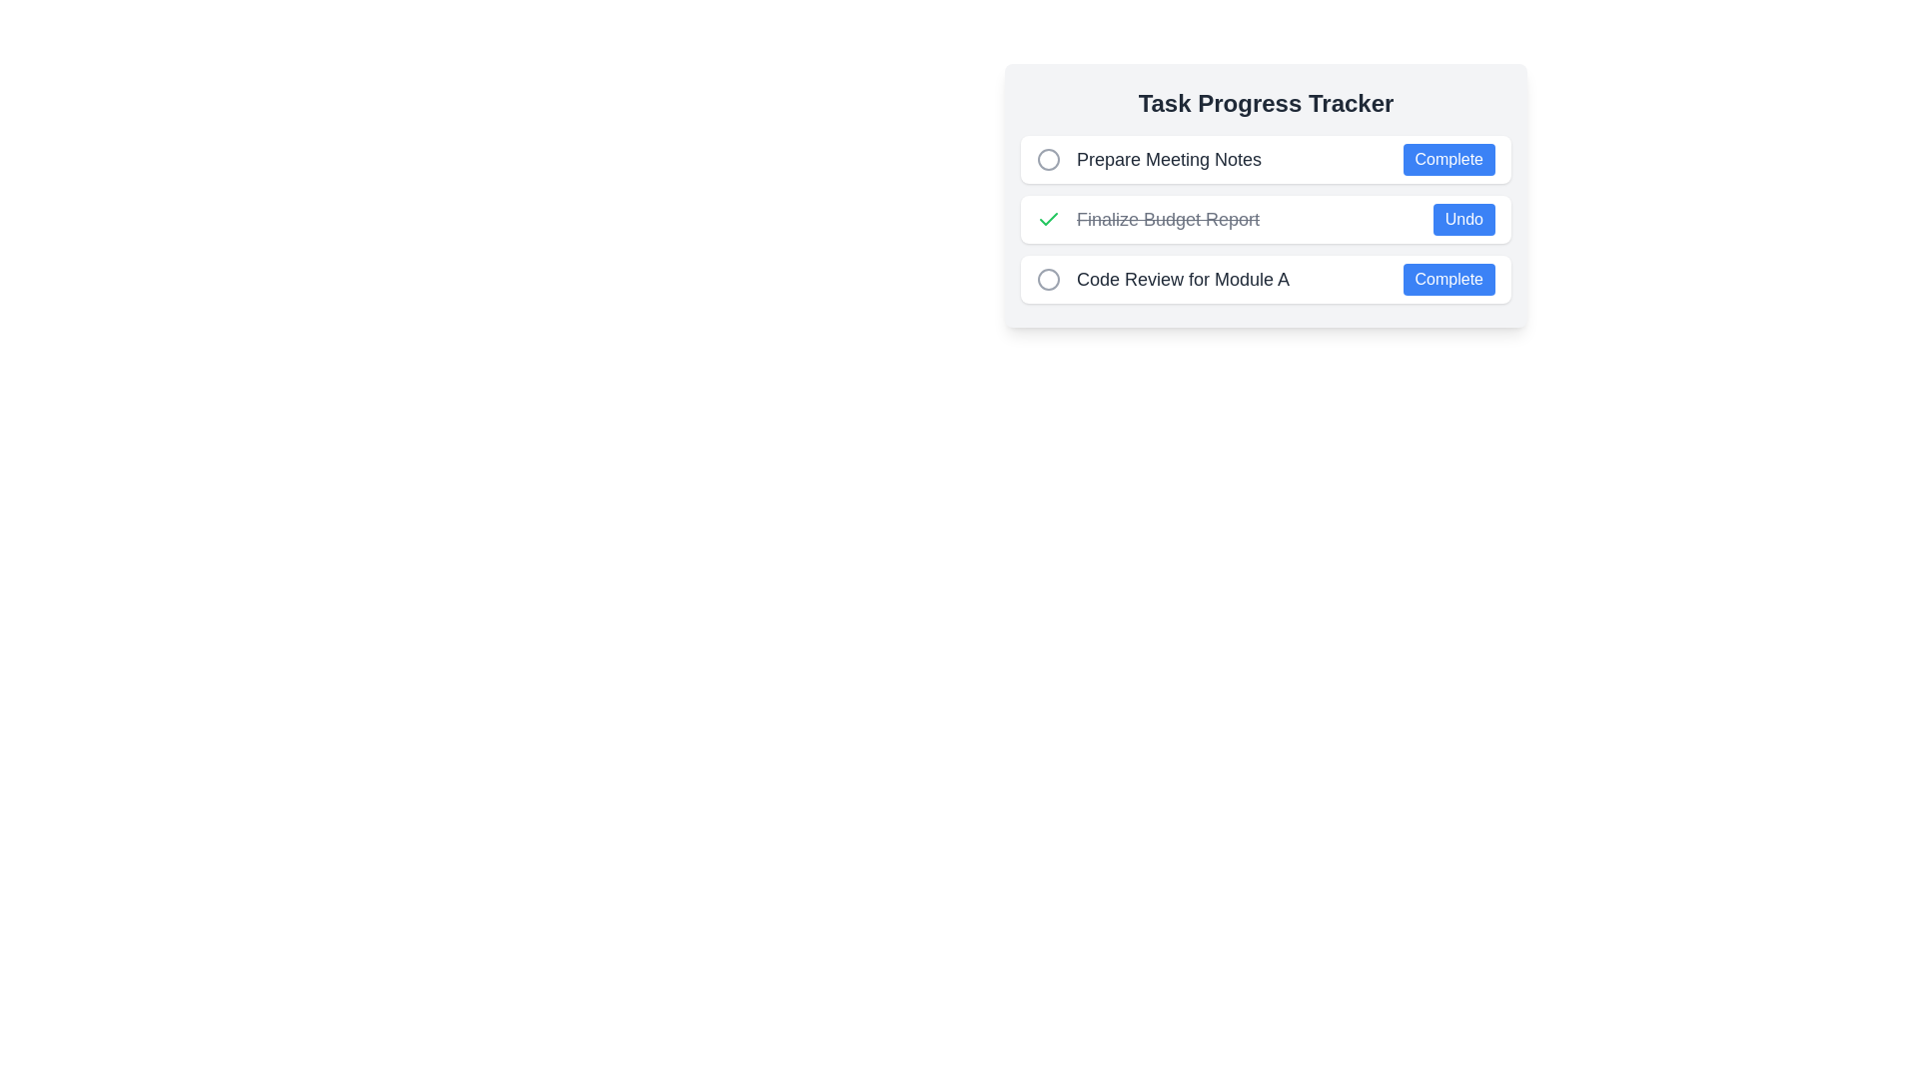 Image resolution: width=1918 pixels, height=1079 pixels. What do you see at coordinates (1265, 196) in the screenshot?
I see `the 'Undo' button of the completed task item 'Finalize Budget Report' in the task list to change the task status` at bounding box center [1265, 196].